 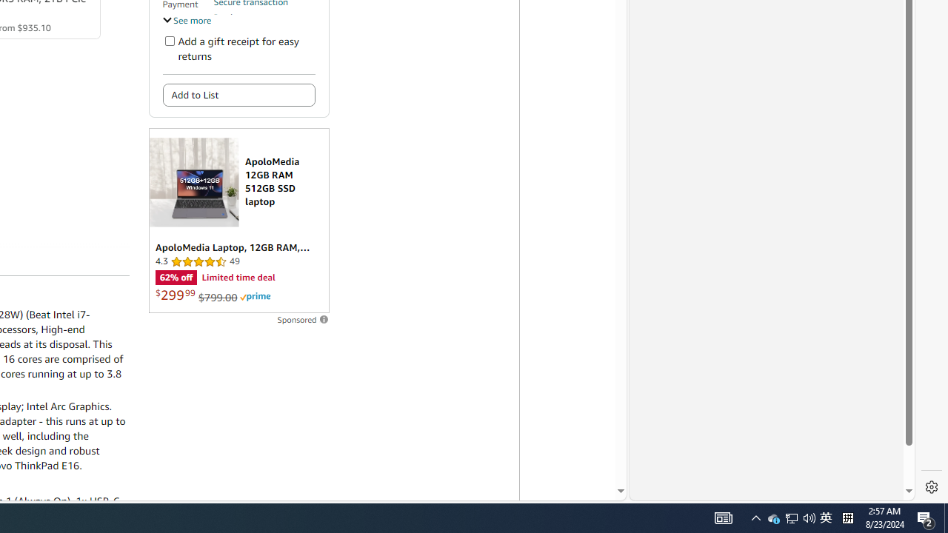 I want to click on 'Sponsored ad', so click(x=238, y=221).